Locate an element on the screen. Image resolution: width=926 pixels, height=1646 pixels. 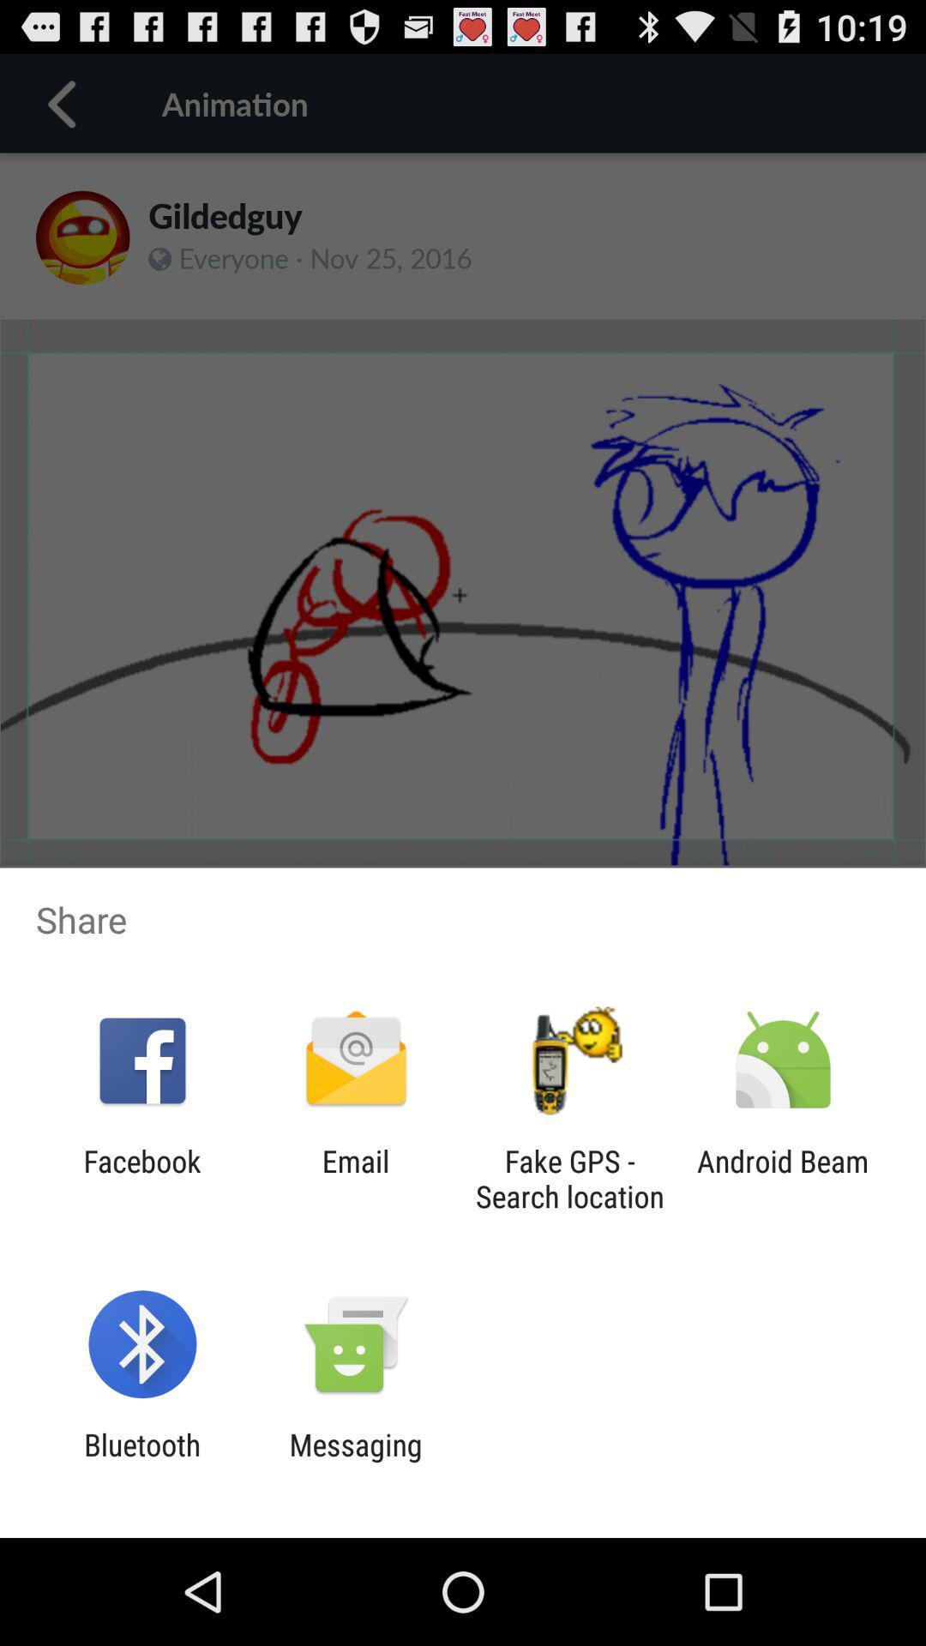
the fake gps search item is located at coordinates (569, 1178).